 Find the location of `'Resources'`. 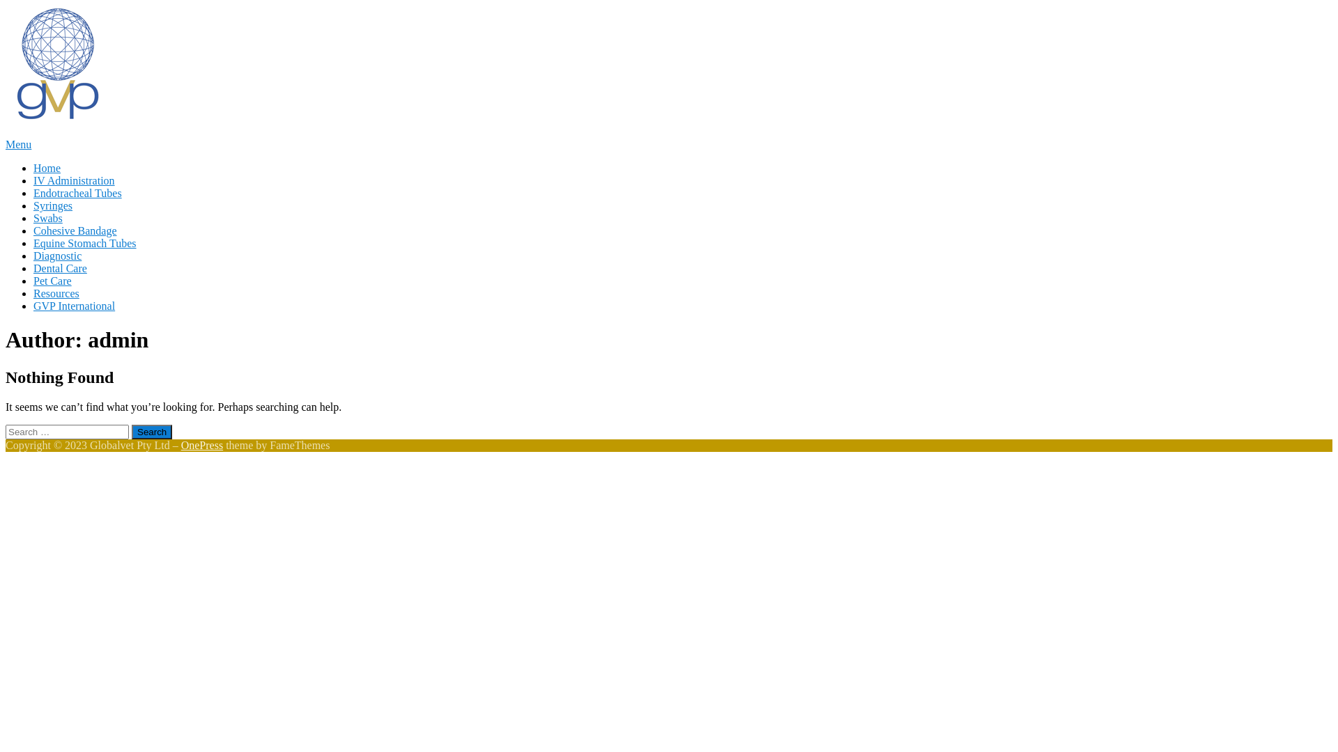

'Resources' is located at coordinates (33, 292).